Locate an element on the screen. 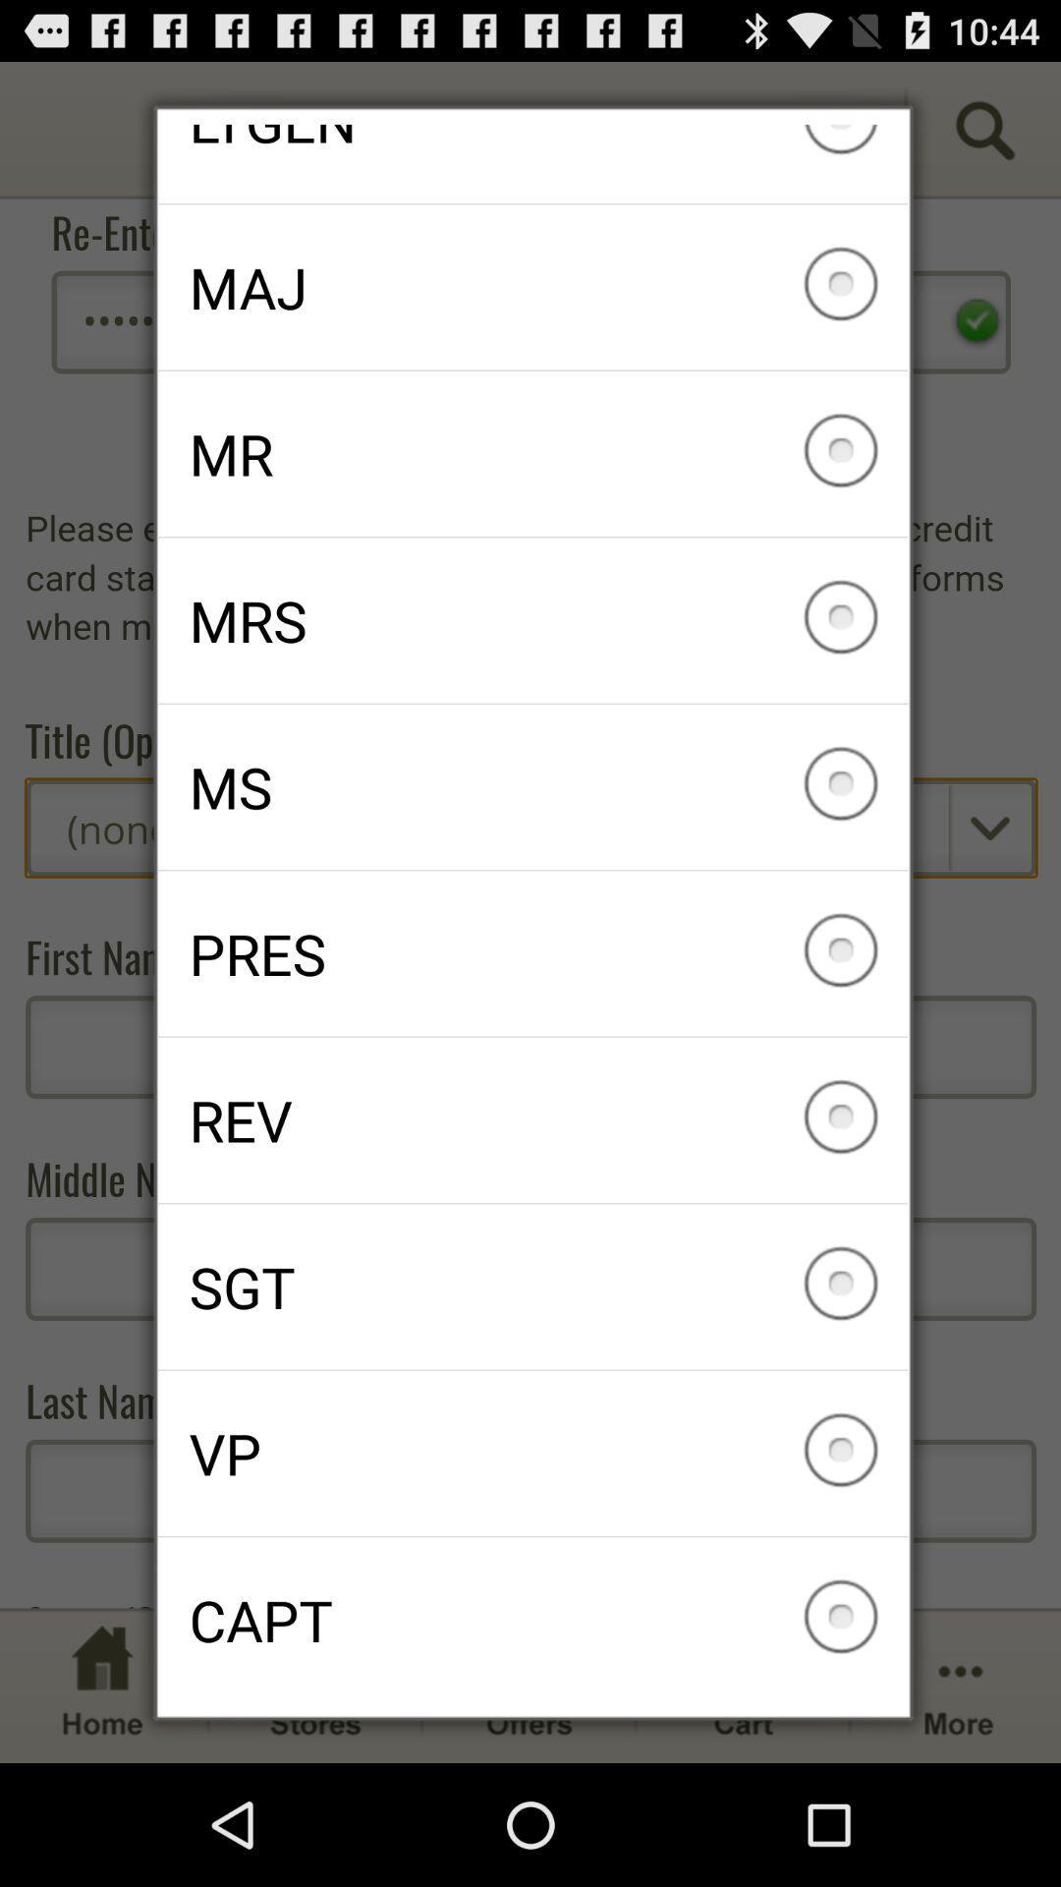 The height and width of the screenshot is (1887, 1061). the checkbox below pres icon is located at coordinates (532, 1120).